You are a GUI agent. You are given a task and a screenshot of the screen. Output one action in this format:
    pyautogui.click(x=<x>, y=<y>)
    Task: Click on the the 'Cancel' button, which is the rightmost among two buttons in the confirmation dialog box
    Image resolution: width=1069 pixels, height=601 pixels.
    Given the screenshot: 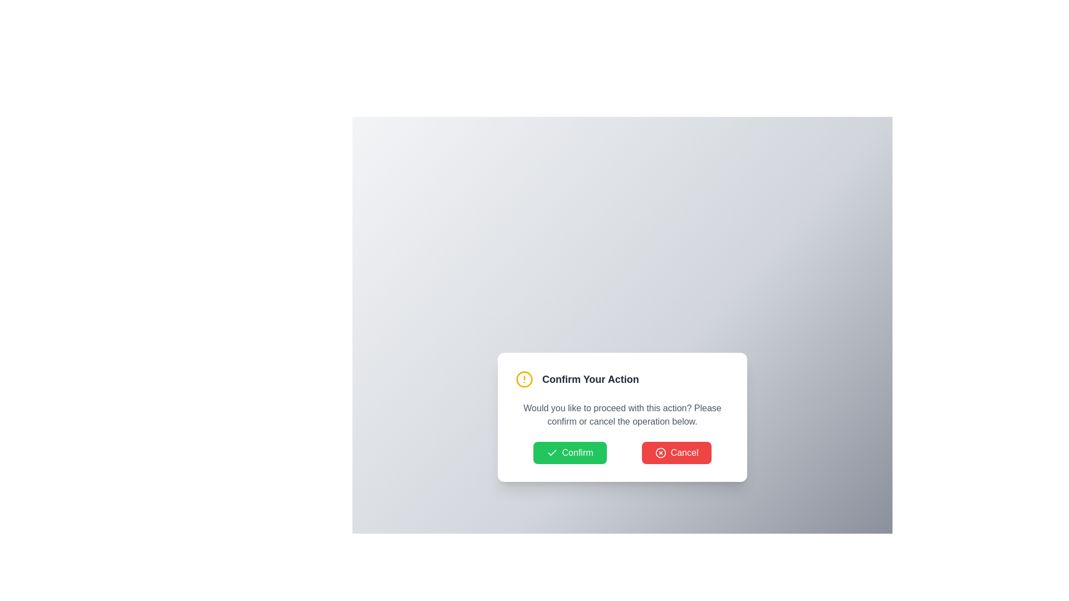 What is the action you would take?
    pyautogui.click(x=660, y=452)
    